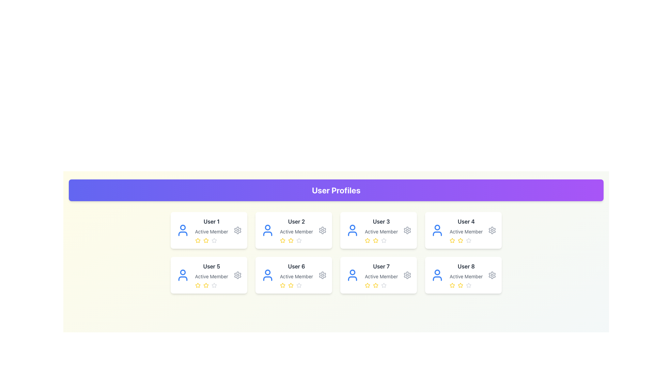 This screenshot has height=367, width=654. Describe the element at coordinates (375, 285) in the screenshot. I see `the first star-shaped icon in the rating section of User 7's profile card` at that location.